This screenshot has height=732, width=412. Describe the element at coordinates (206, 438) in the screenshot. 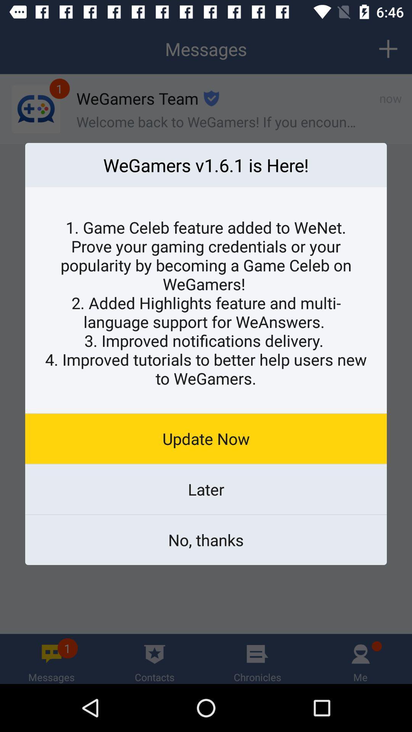

I see `the update now` at that location.